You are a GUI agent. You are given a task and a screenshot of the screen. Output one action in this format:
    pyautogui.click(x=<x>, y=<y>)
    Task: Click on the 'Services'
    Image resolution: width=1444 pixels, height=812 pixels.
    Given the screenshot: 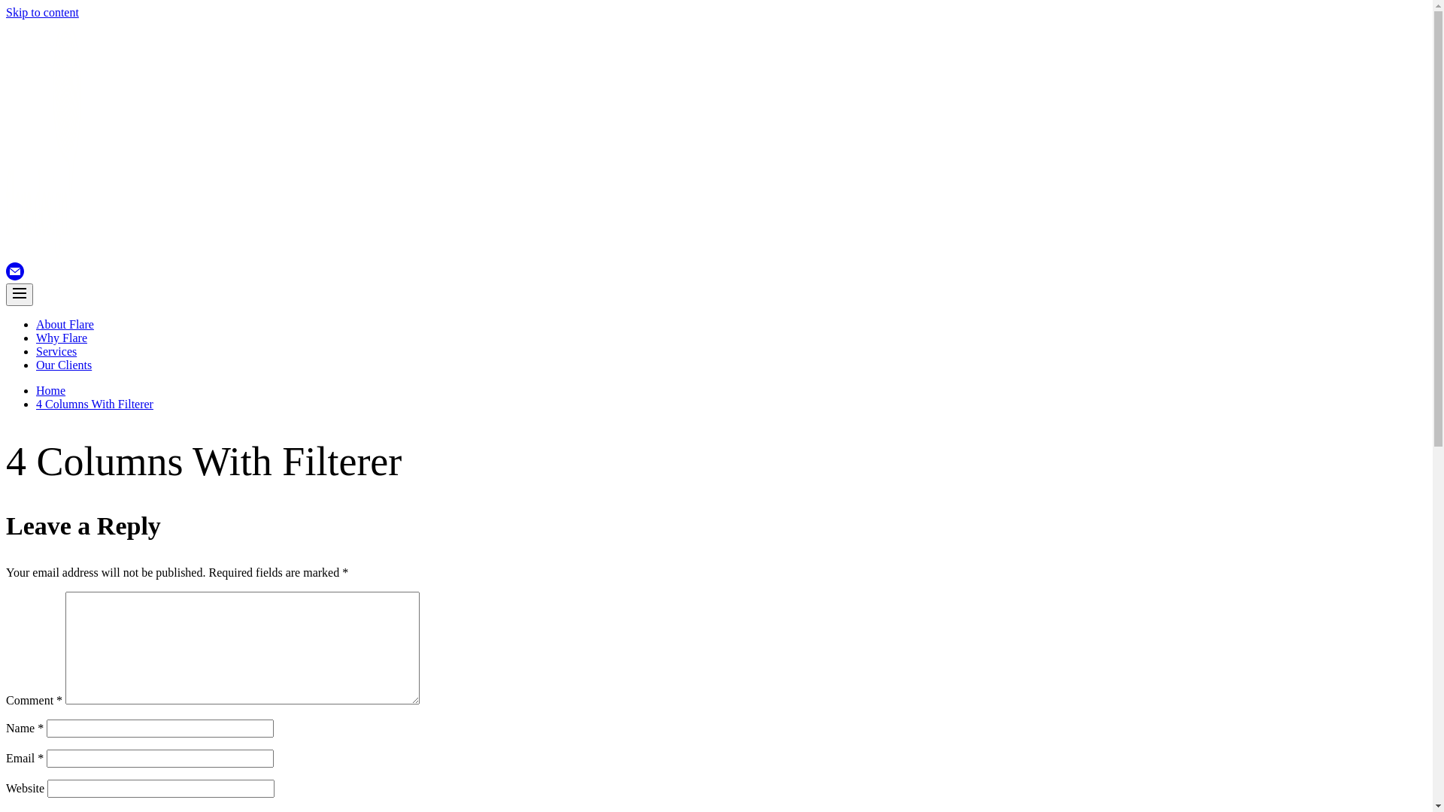 What is the action you would take?
    pyautogui.click(x=56, y=351)
    